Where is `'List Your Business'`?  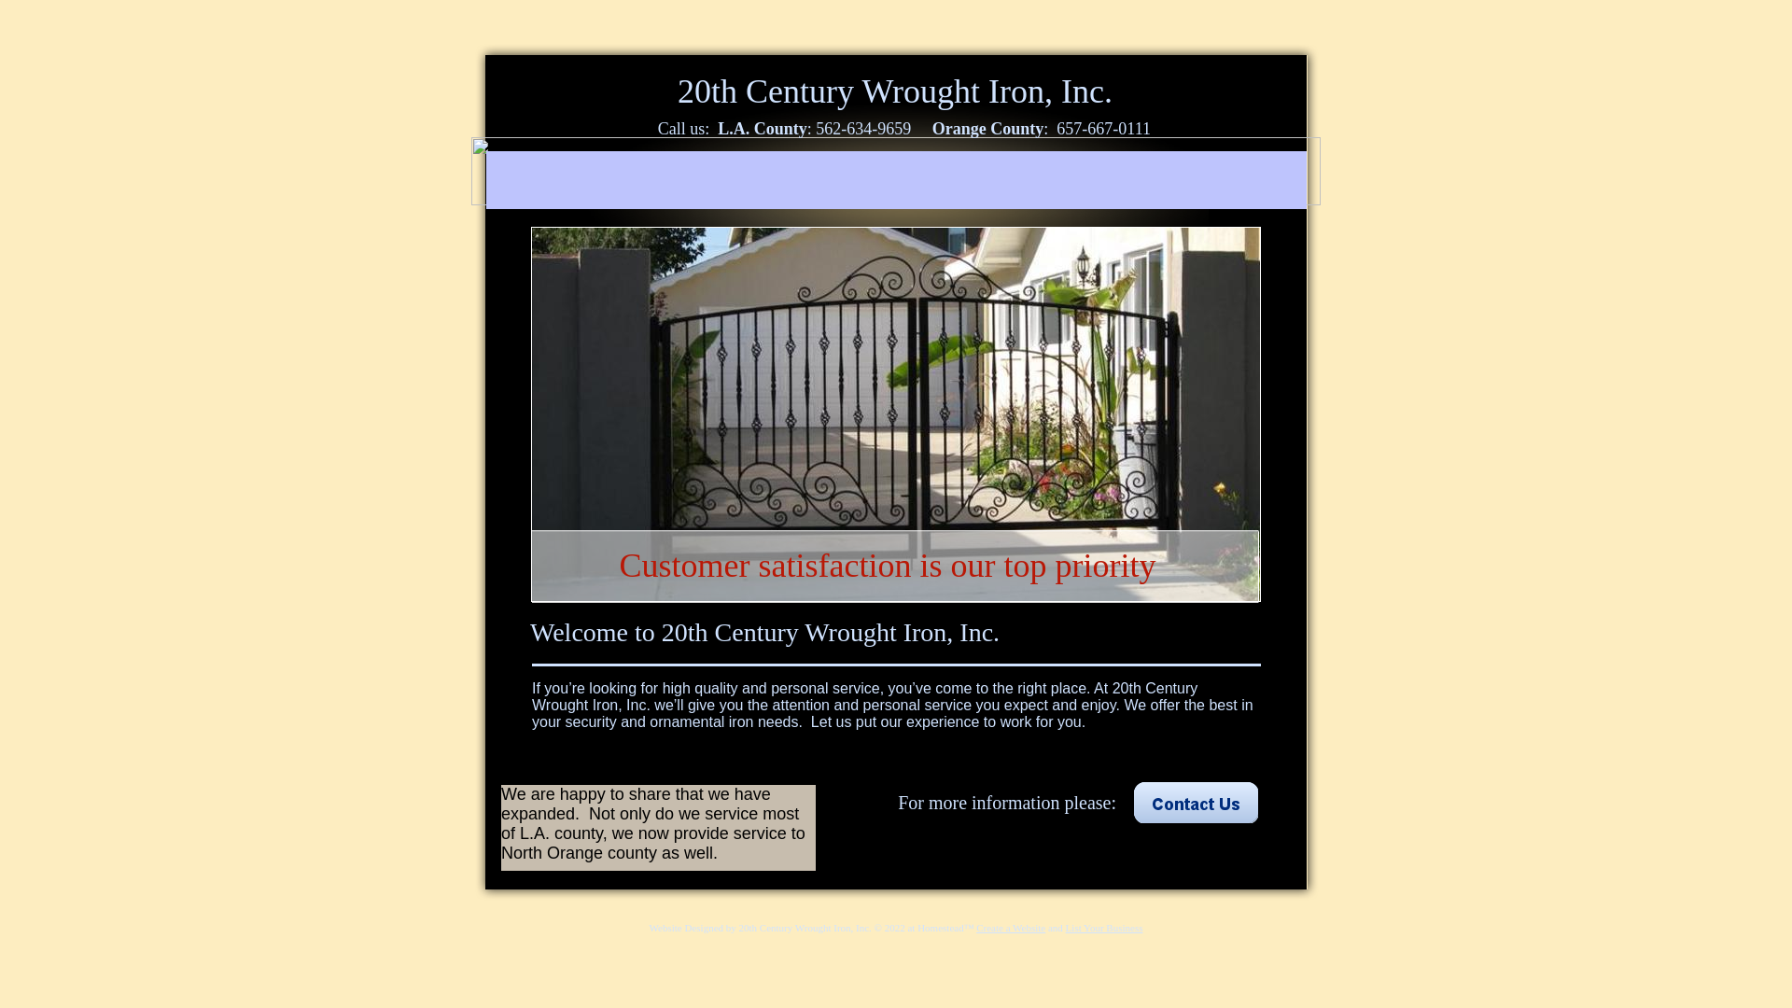 'List Your Business' is located at coordinates (1104, 928).